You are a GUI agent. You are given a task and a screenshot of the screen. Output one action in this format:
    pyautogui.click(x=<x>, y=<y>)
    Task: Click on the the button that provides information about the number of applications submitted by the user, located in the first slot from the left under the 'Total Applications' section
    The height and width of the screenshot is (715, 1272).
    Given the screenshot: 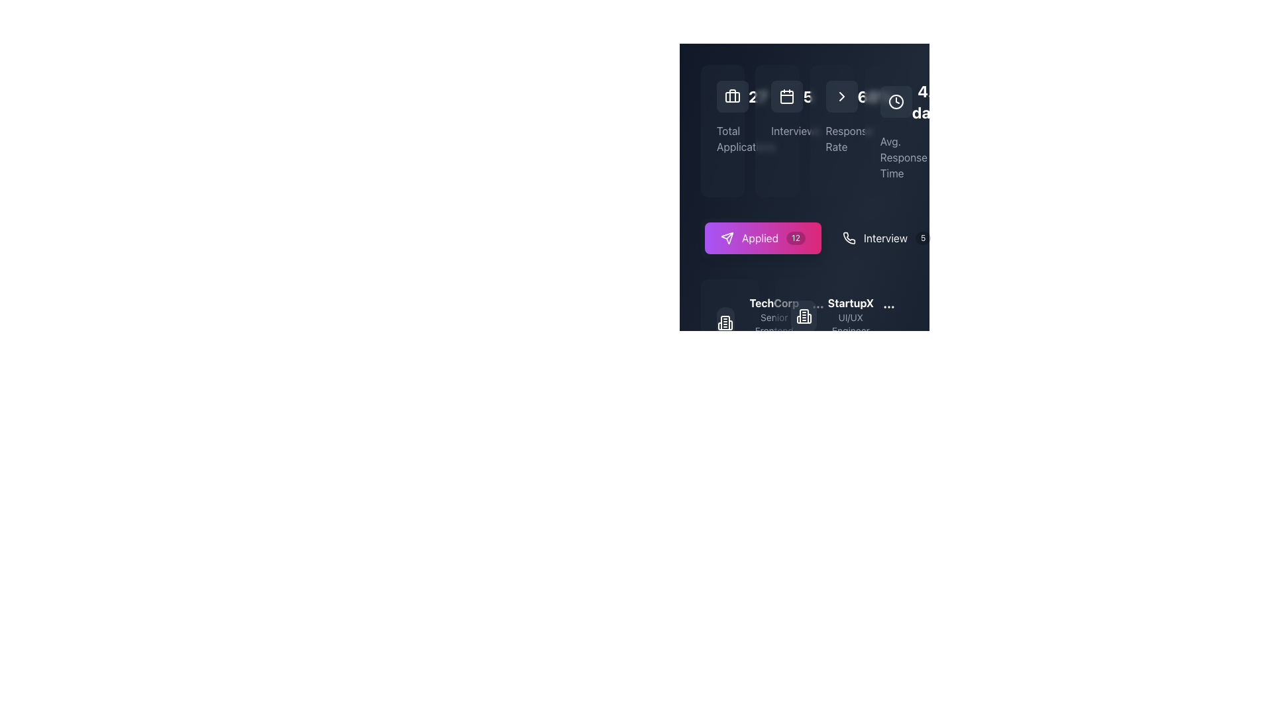 What is the action you would take?
    pyautogui.click(x=804, y=237)
    